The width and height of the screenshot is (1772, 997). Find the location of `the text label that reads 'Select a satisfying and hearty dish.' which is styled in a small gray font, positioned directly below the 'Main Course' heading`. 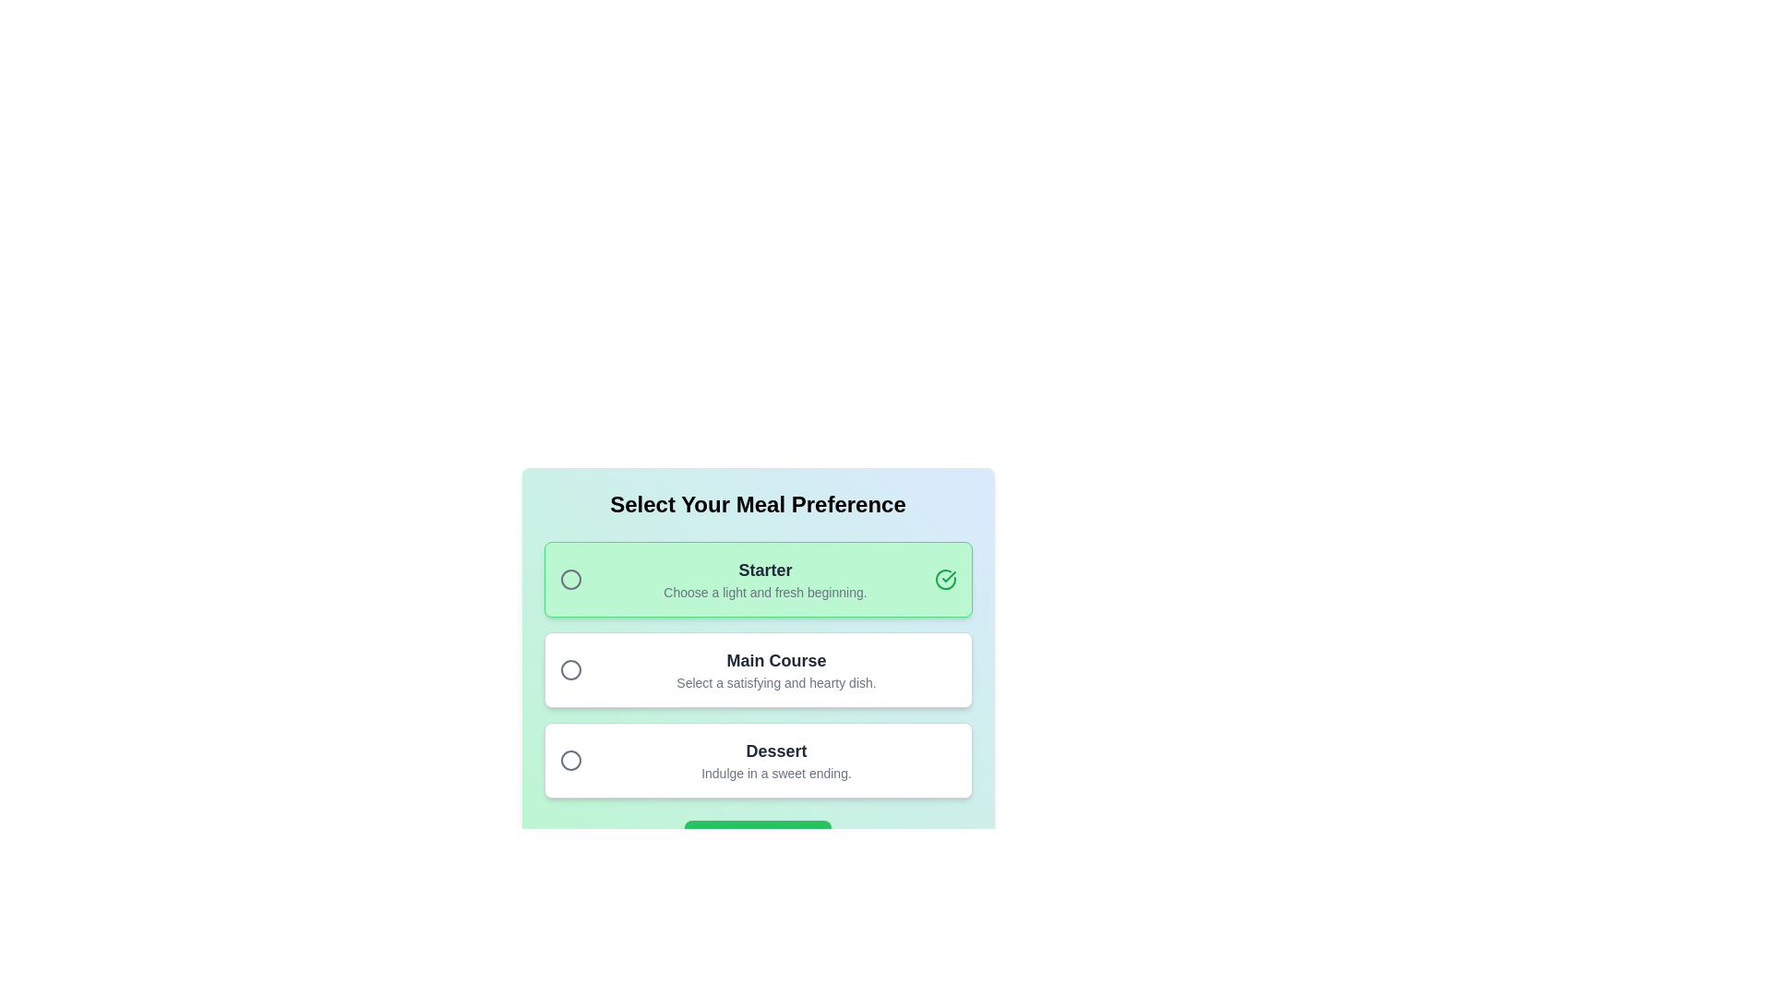

the text label that reads 'Select a satisfying and hearty dish.' which is styled in a small gray font, positioned directly below the 'Main Course' heading is located at coordinates (776, 683).